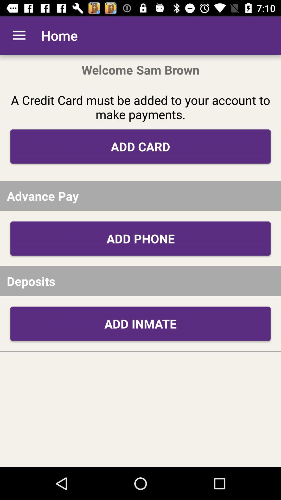 This screenshot has width=281, height=500. I want to click on the icon above the a credit card, so click(19, 35).